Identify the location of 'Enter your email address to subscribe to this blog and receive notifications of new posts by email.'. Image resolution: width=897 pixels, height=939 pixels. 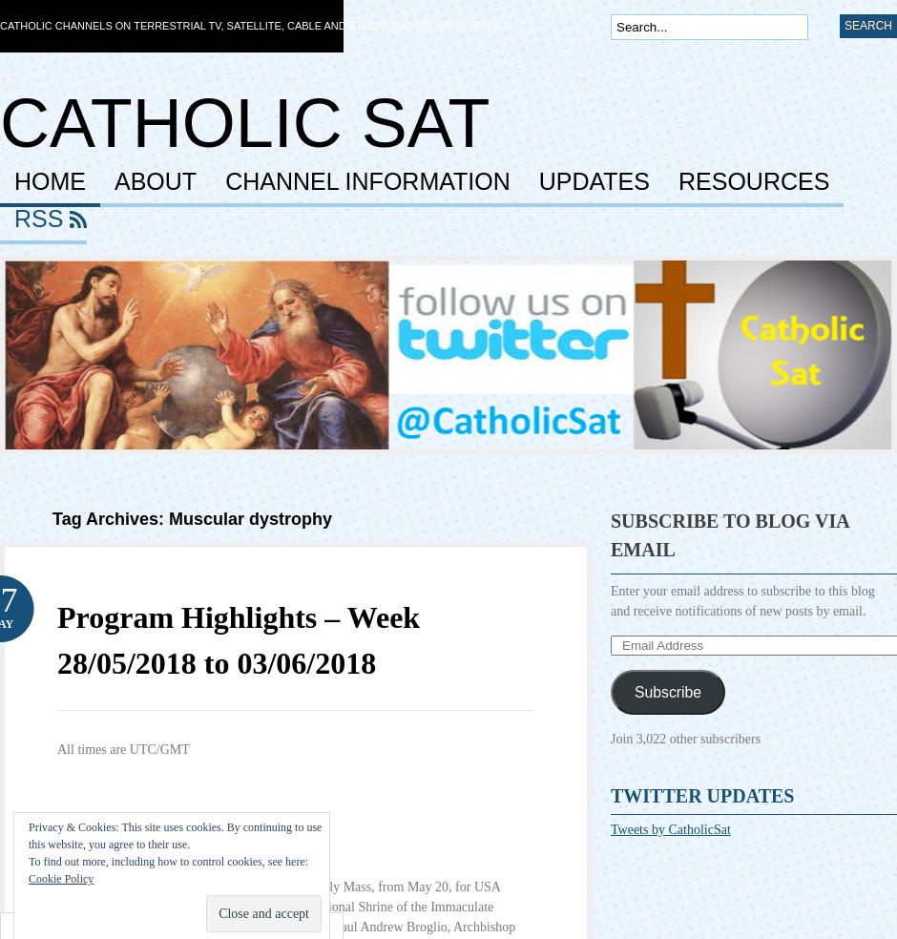
(741, 600).